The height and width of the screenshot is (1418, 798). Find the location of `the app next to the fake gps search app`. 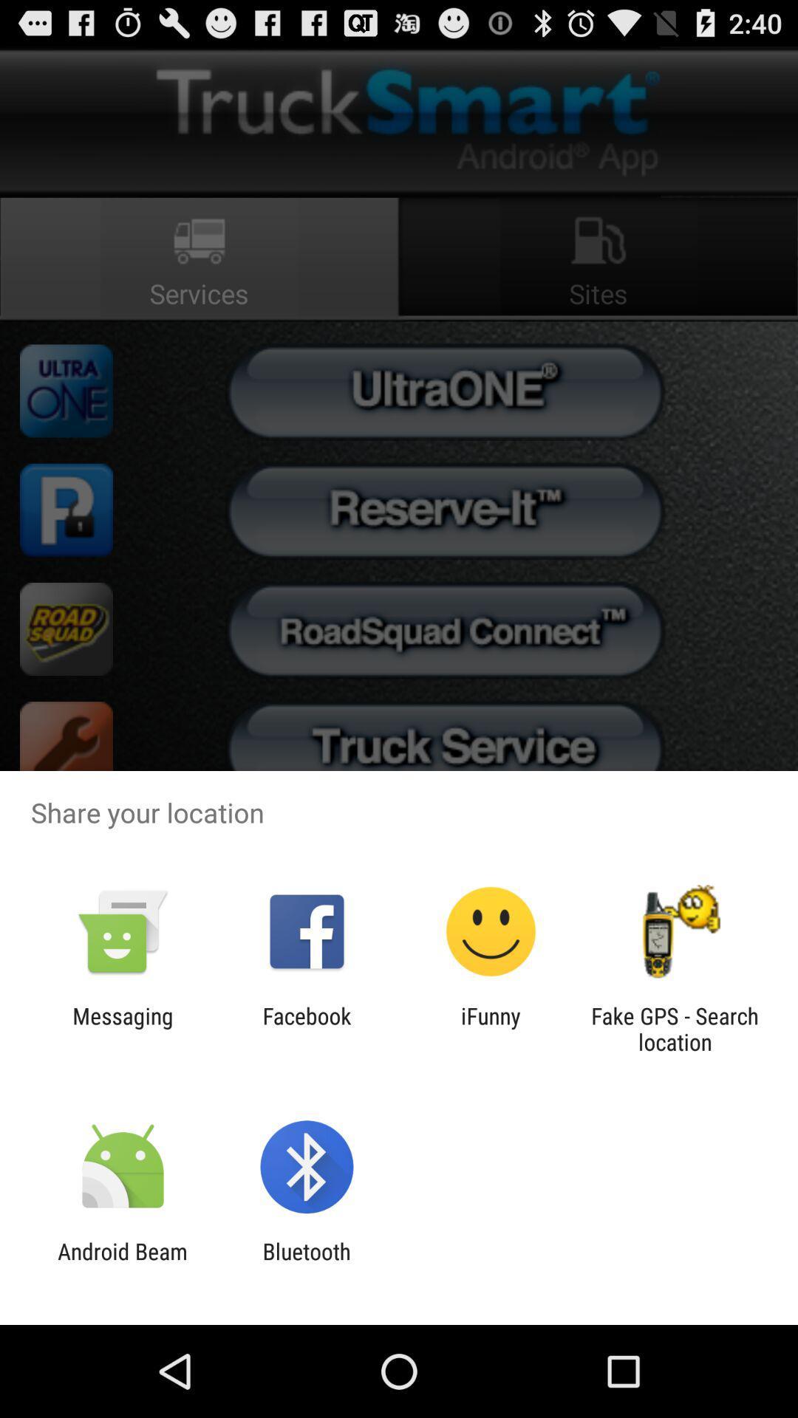

the app next to the fake gps search app is located at coordinates (491, 1028).